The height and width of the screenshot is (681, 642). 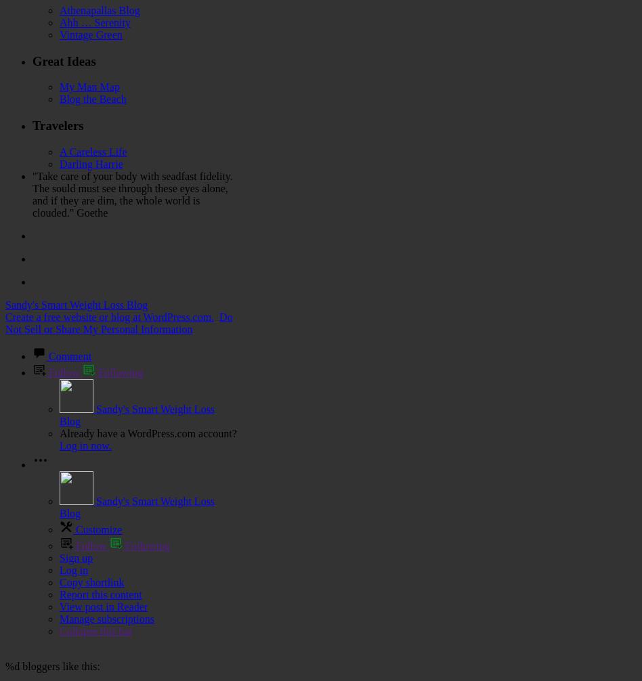 What do you see at coordinates (70, 355) in the screenshot?
I see `'Comment'` at bounding box center [70, 355].